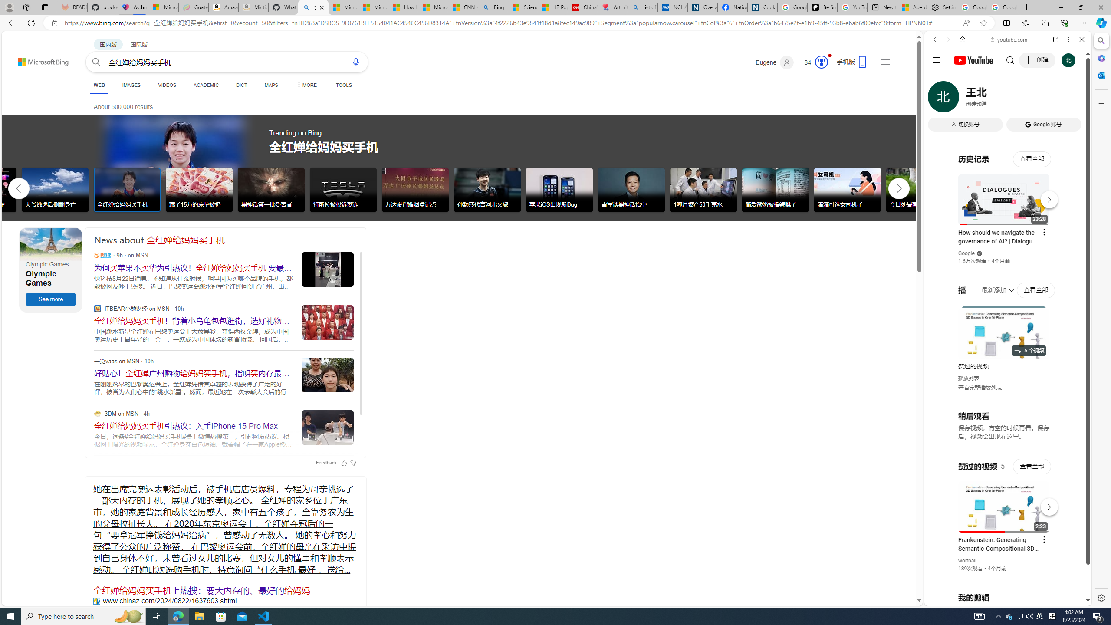 Image resolution: width=1111 pixels, height=625 pixels. What do you see at coordinates (812, 62) in the screenshot?
I see `'Microsoft Rewards 84'` at bounding box center [812, 62].